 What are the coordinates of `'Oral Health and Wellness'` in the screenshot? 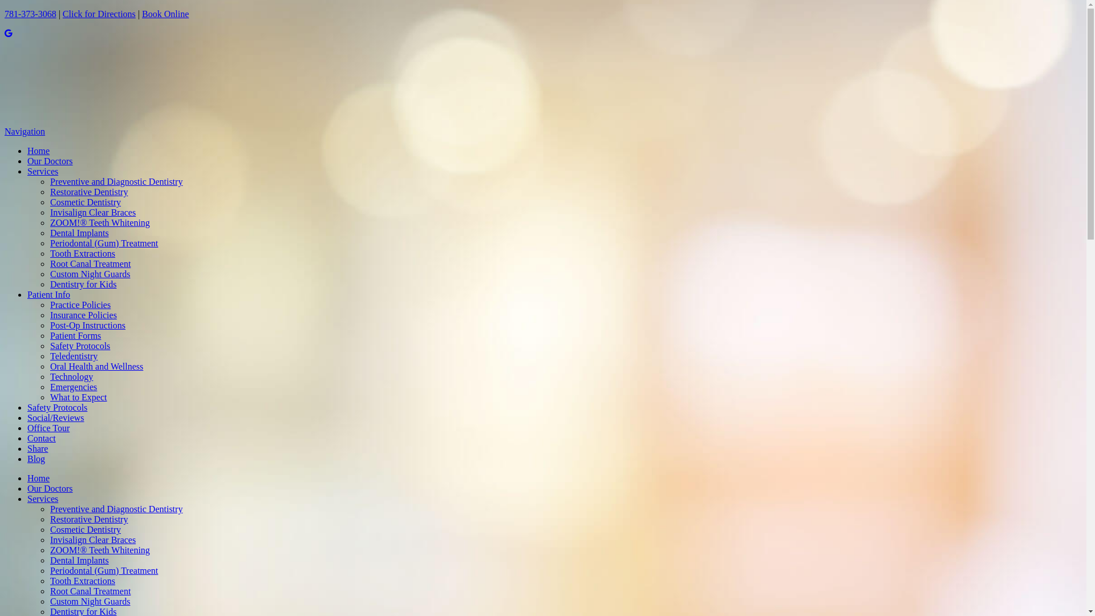 It's located at (96, 366).